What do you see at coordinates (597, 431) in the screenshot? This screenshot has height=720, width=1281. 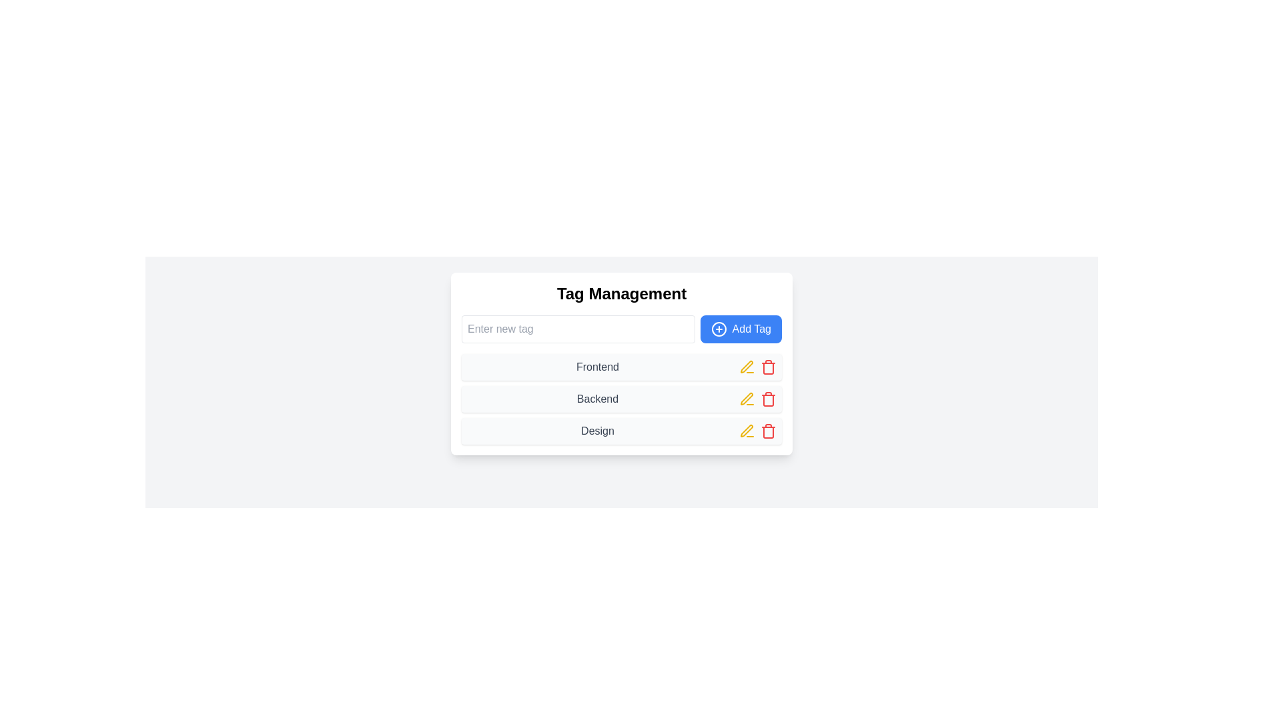 I see `the Text Label that displays 'Design', located below the 'Frontend' and 'Backend' labels in a vertical list` at bounding box center [597, 431].